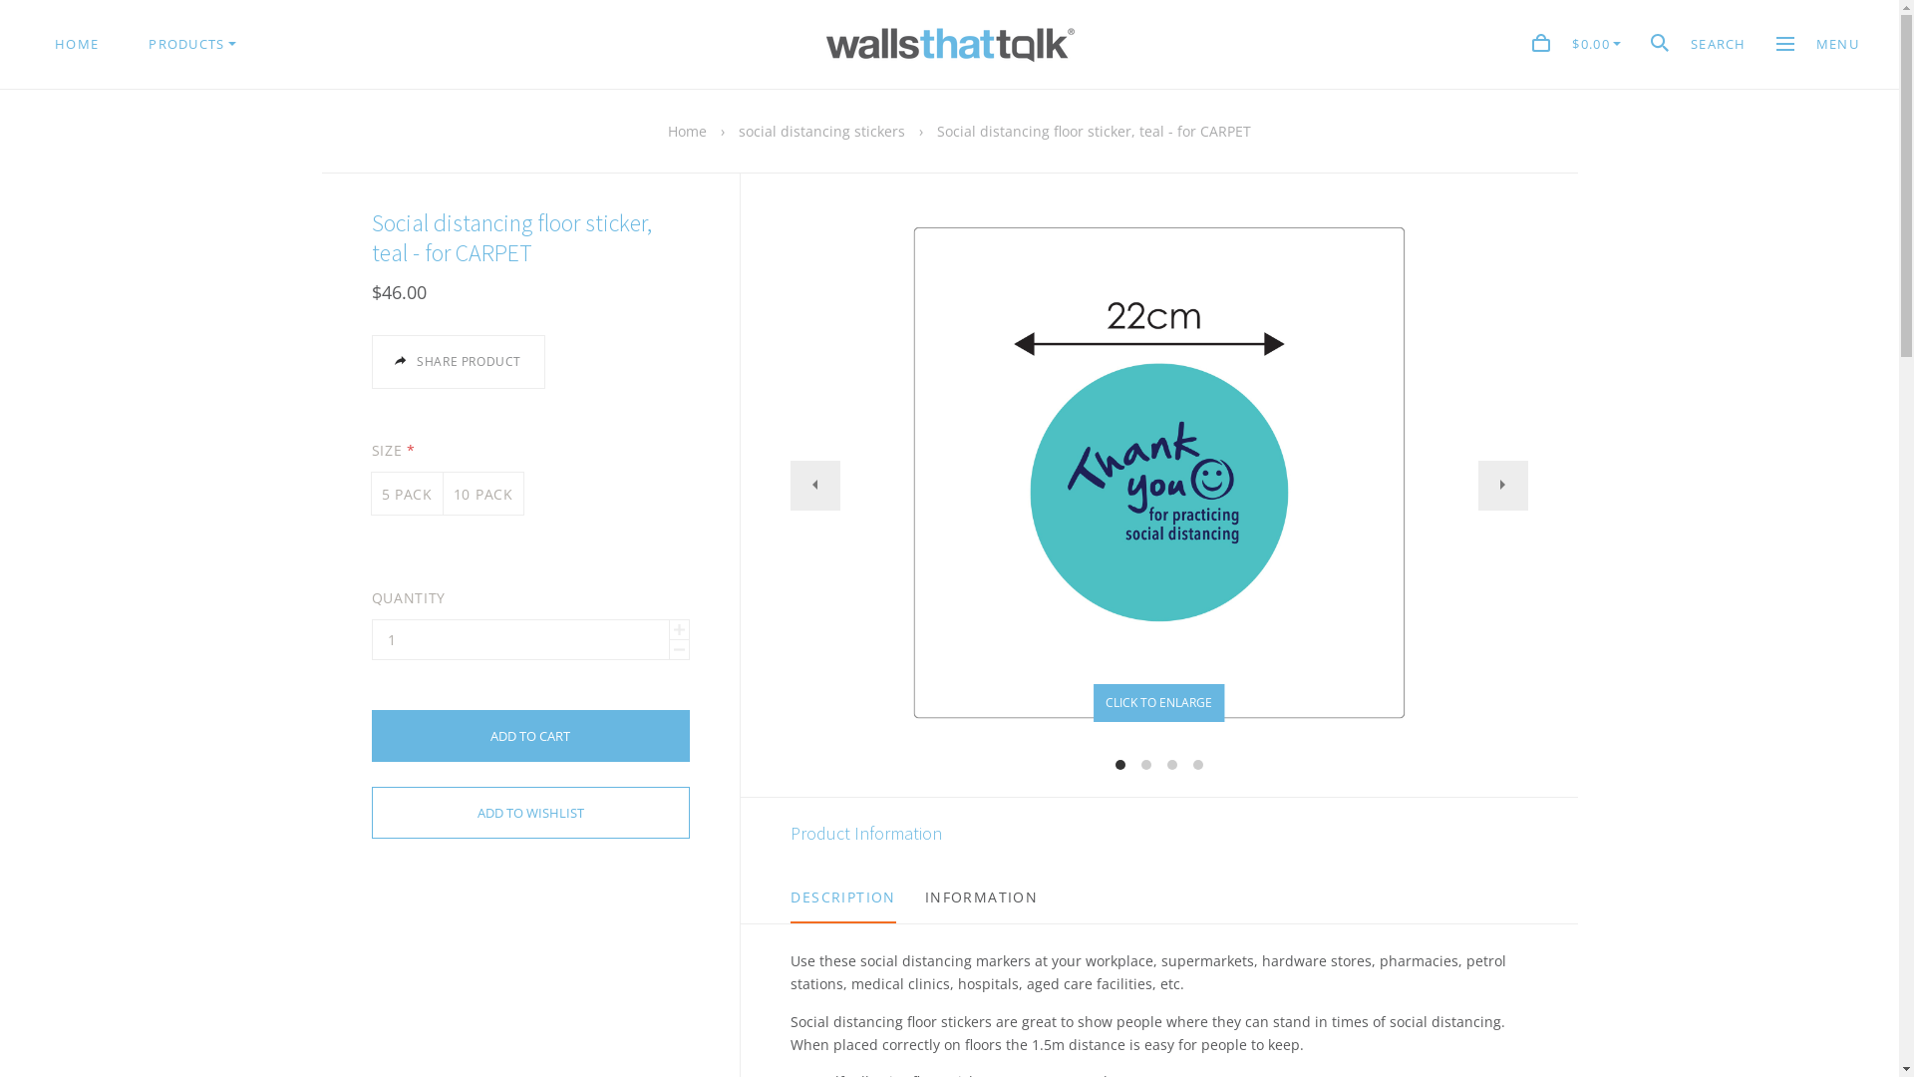 The image size is (1914, 1077). Describe the element at coordinates (687, 131) in the screenshot. I see `'Home'` at that location.